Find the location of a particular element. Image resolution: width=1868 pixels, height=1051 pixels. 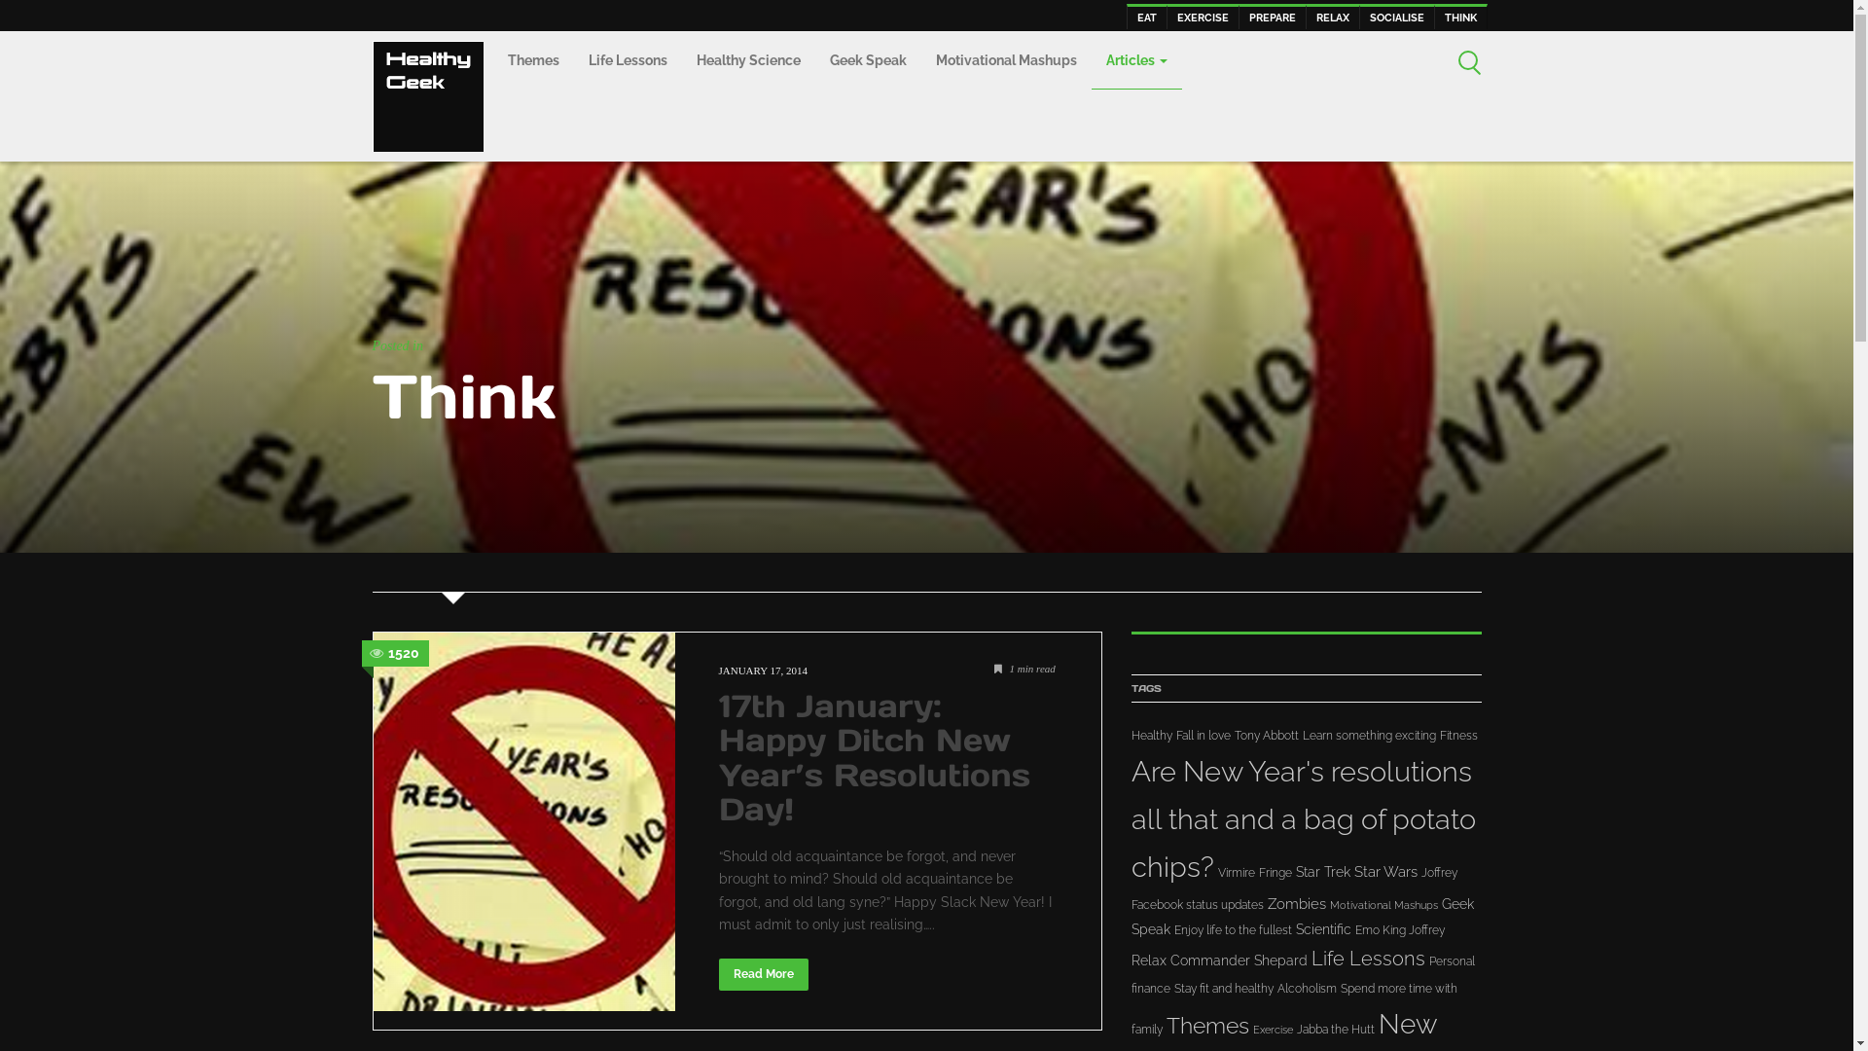

'PREPARE' is located at coordinates (1271, 16).